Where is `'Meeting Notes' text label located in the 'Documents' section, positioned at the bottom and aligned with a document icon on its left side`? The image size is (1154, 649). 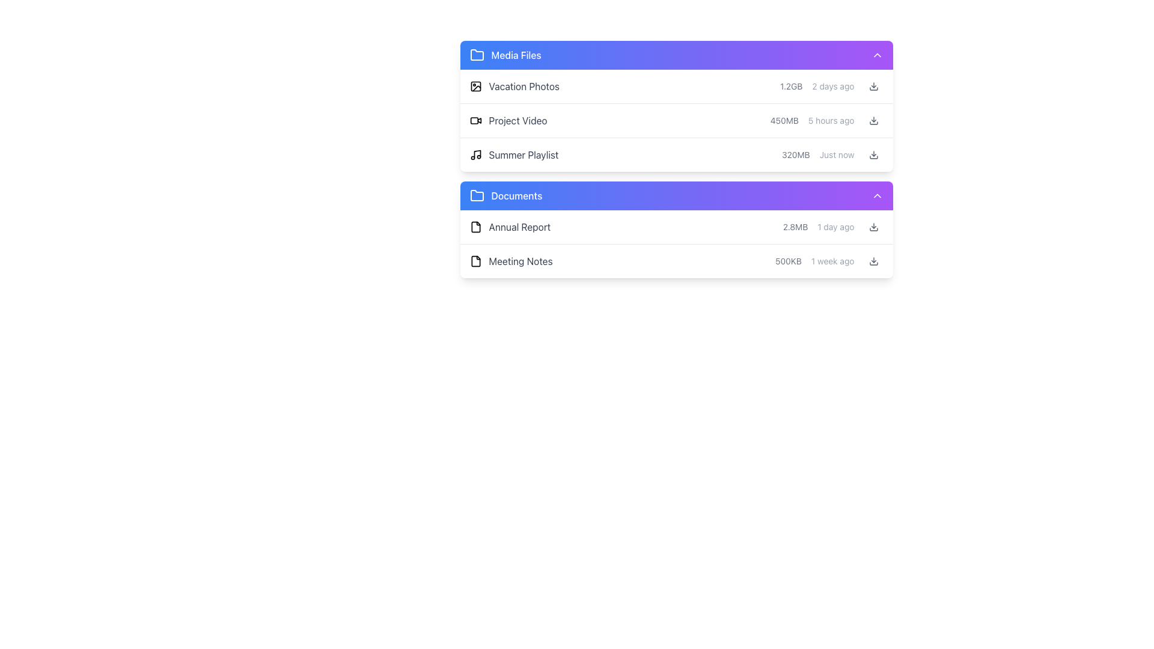
'Meeting Notes' text label located in the 'Documents' section, positioned at the bottom and aligned with a document icon on its left side is located at coordinates (521, 261).